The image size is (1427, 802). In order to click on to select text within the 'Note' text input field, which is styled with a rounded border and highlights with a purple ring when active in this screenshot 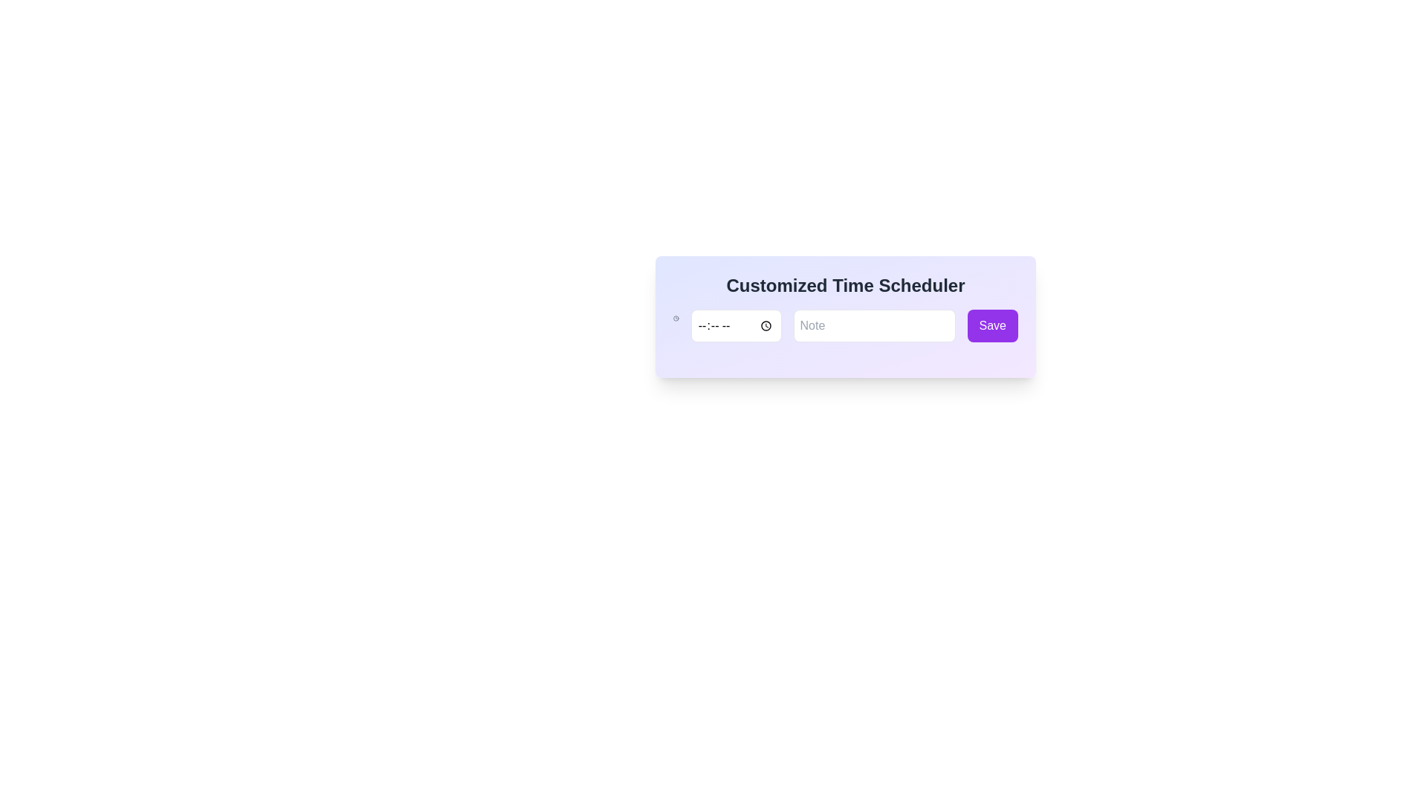, I will do `click(874, 325)`.